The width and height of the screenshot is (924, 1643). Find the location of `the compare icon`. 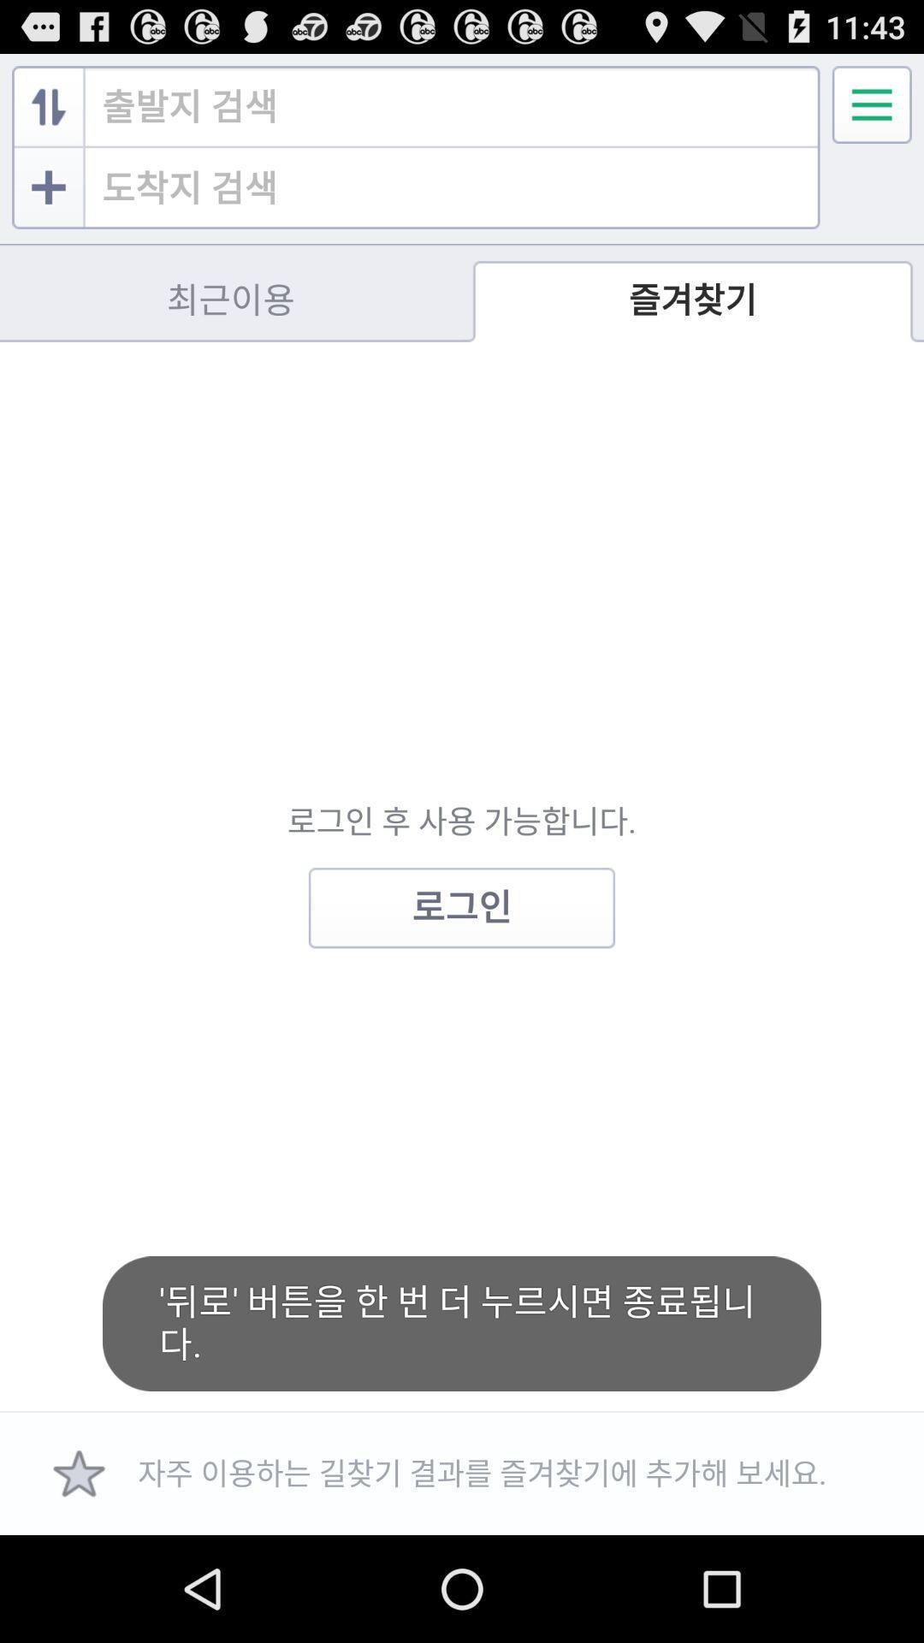

the compare icon is located at coordinates (48, 114).